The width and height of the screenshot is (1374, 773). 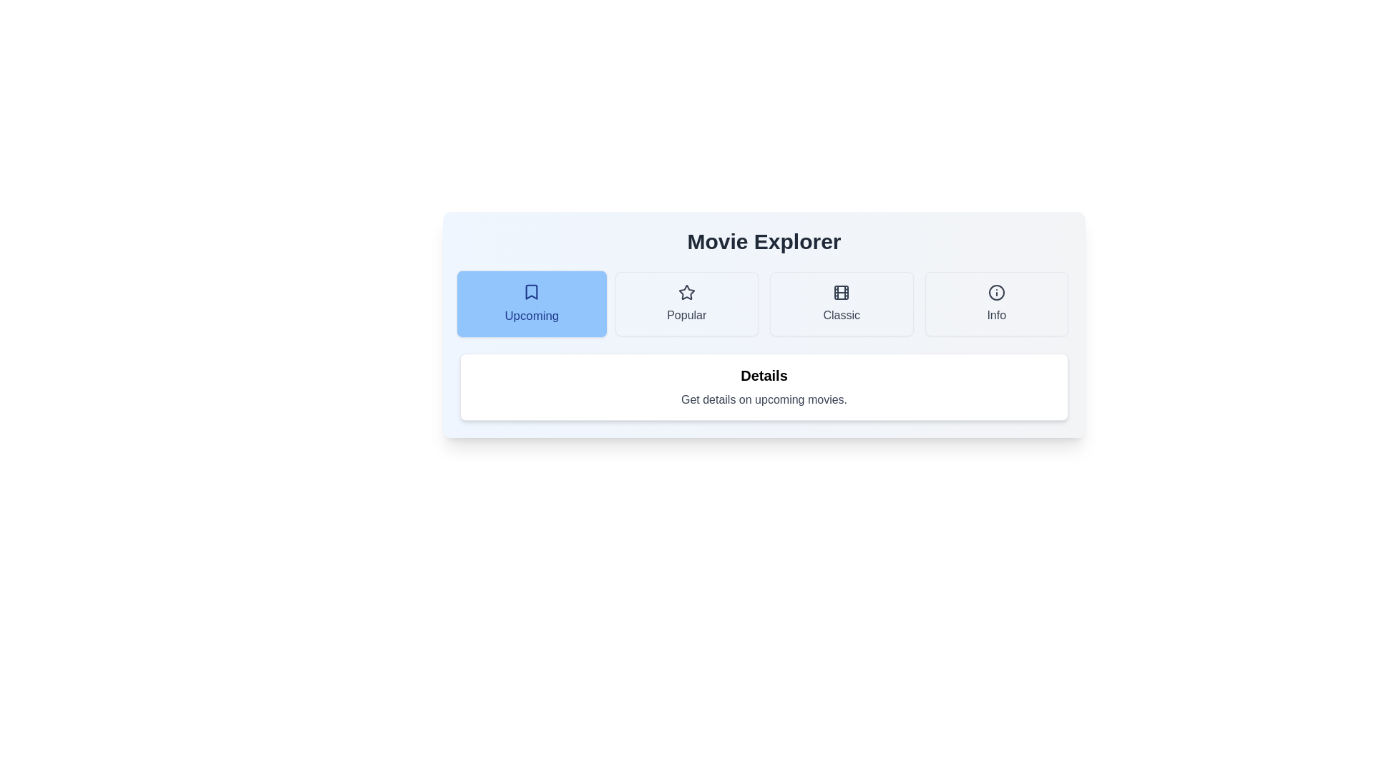 What do you see at coordinates (995, 291) in the screenshot?
I see `the circular icon with an exclamation mark in the top right area of the selection menu related to the 'Info' label` at bounding box center [995, 291].